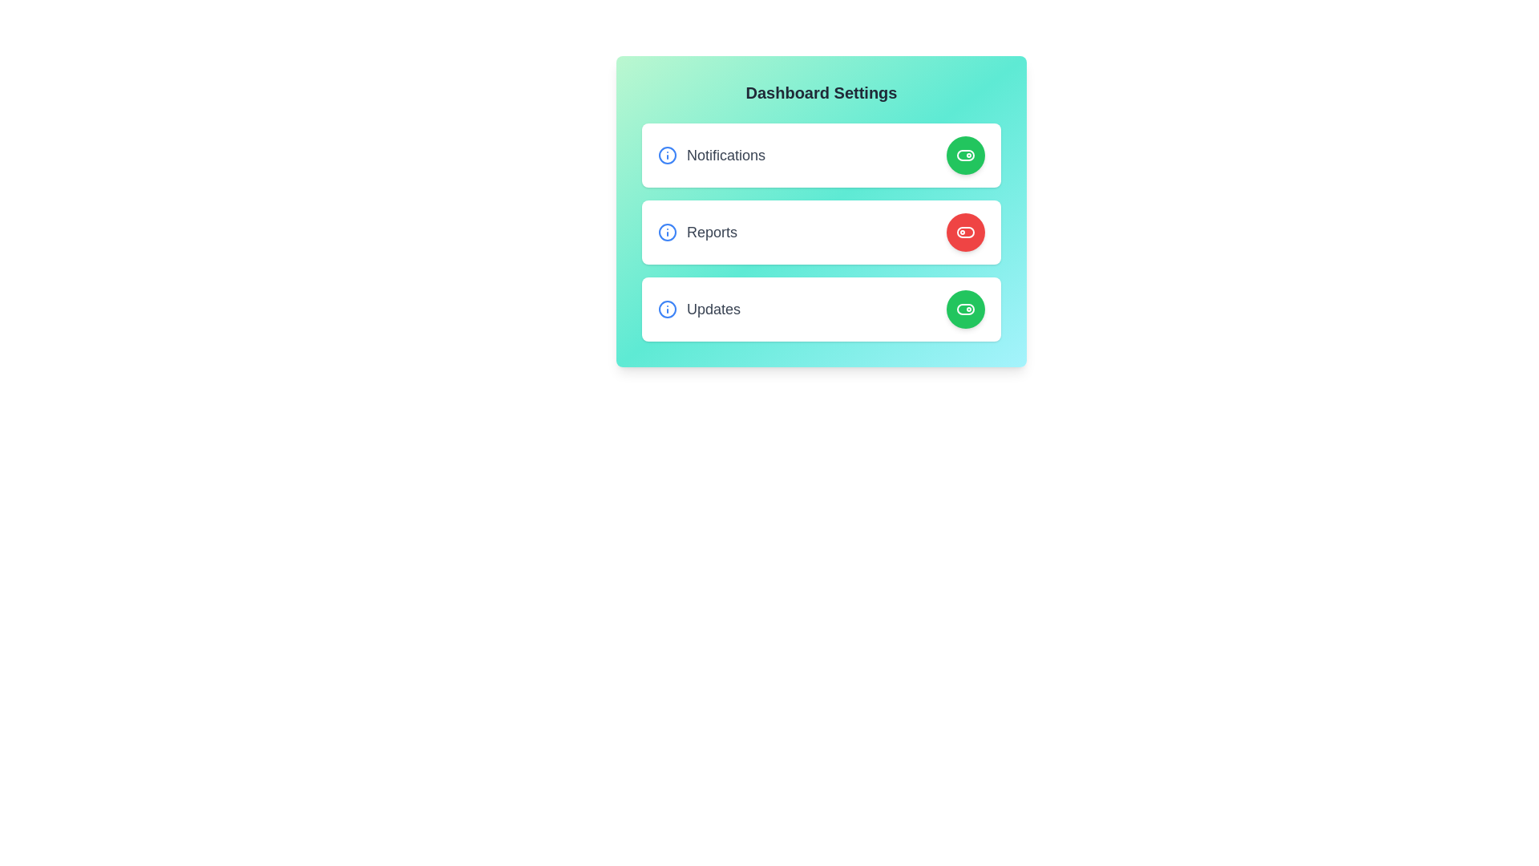 The image size is (1539, 866). I want to click on information icon for the Notifications setting, so click(668, 155).